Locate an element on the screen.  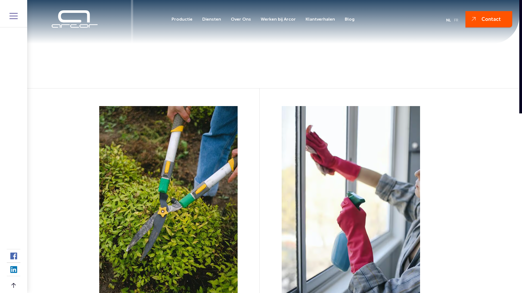
'Blog' is located at coordinates (341, 19).